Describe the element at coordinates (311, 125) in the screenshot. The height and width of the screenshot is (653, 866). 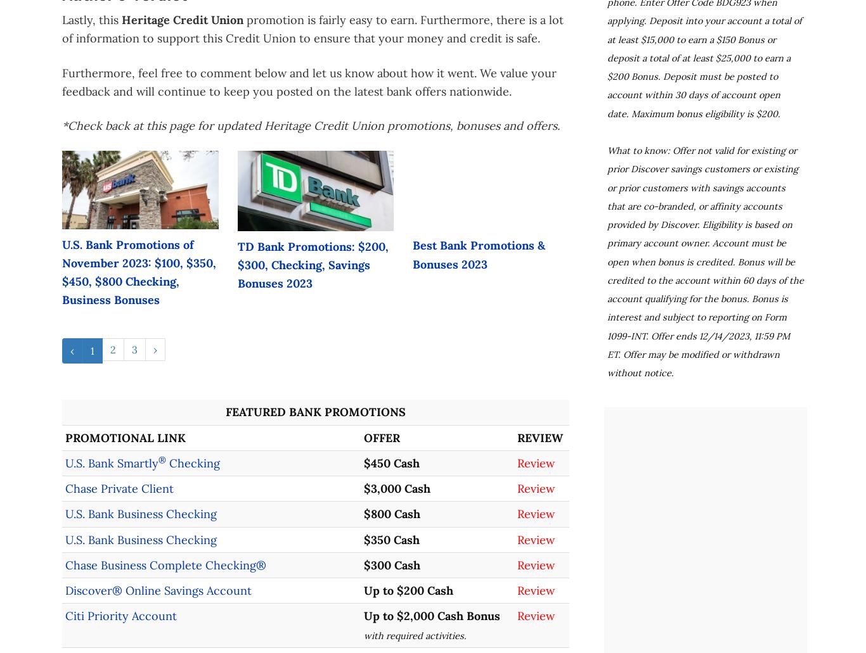
I see `'*Check back at this page for updated Heritage Credit Union promotions, bonuses and offers.'` at that location.